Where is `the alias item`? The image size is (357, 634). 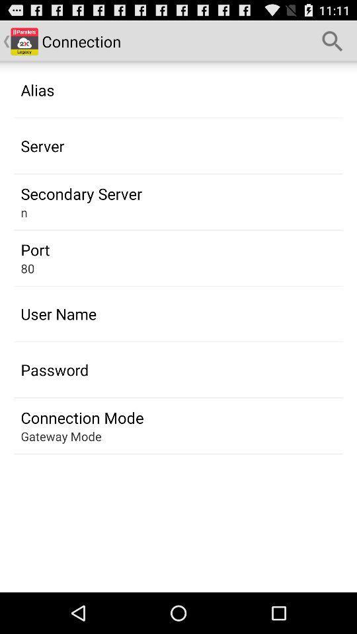 the alias item is located at coordinates (38, 89).